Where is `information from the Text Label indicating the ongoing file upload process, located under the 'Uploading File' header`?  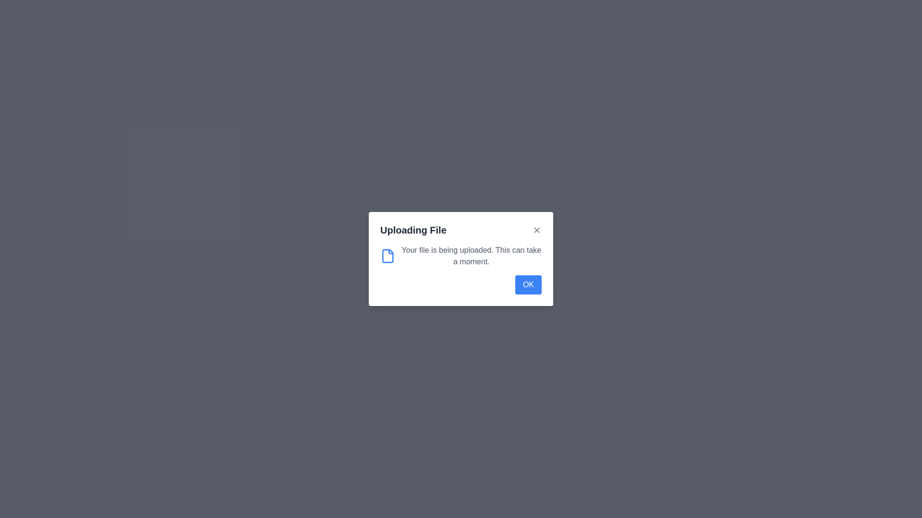 information from the Text Label indicating the ongoing file upload process, located under the 'Uploading File' header is located at coordinates (471, 255).